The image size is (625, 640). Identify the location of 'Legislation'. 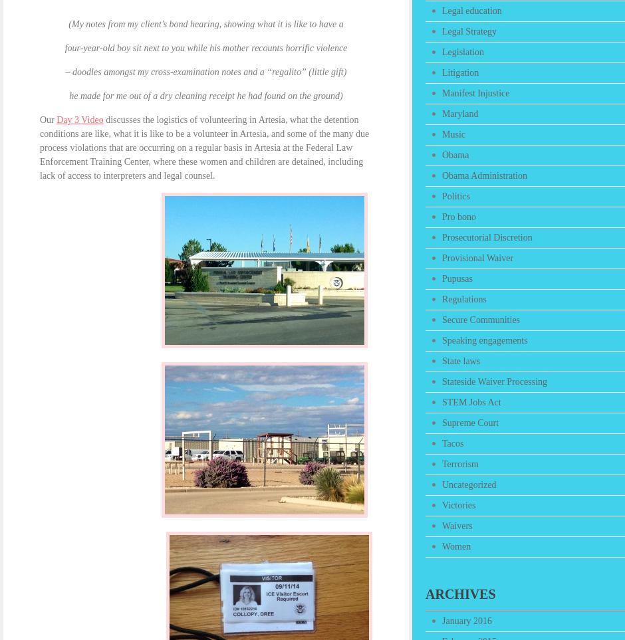
(462, 52).